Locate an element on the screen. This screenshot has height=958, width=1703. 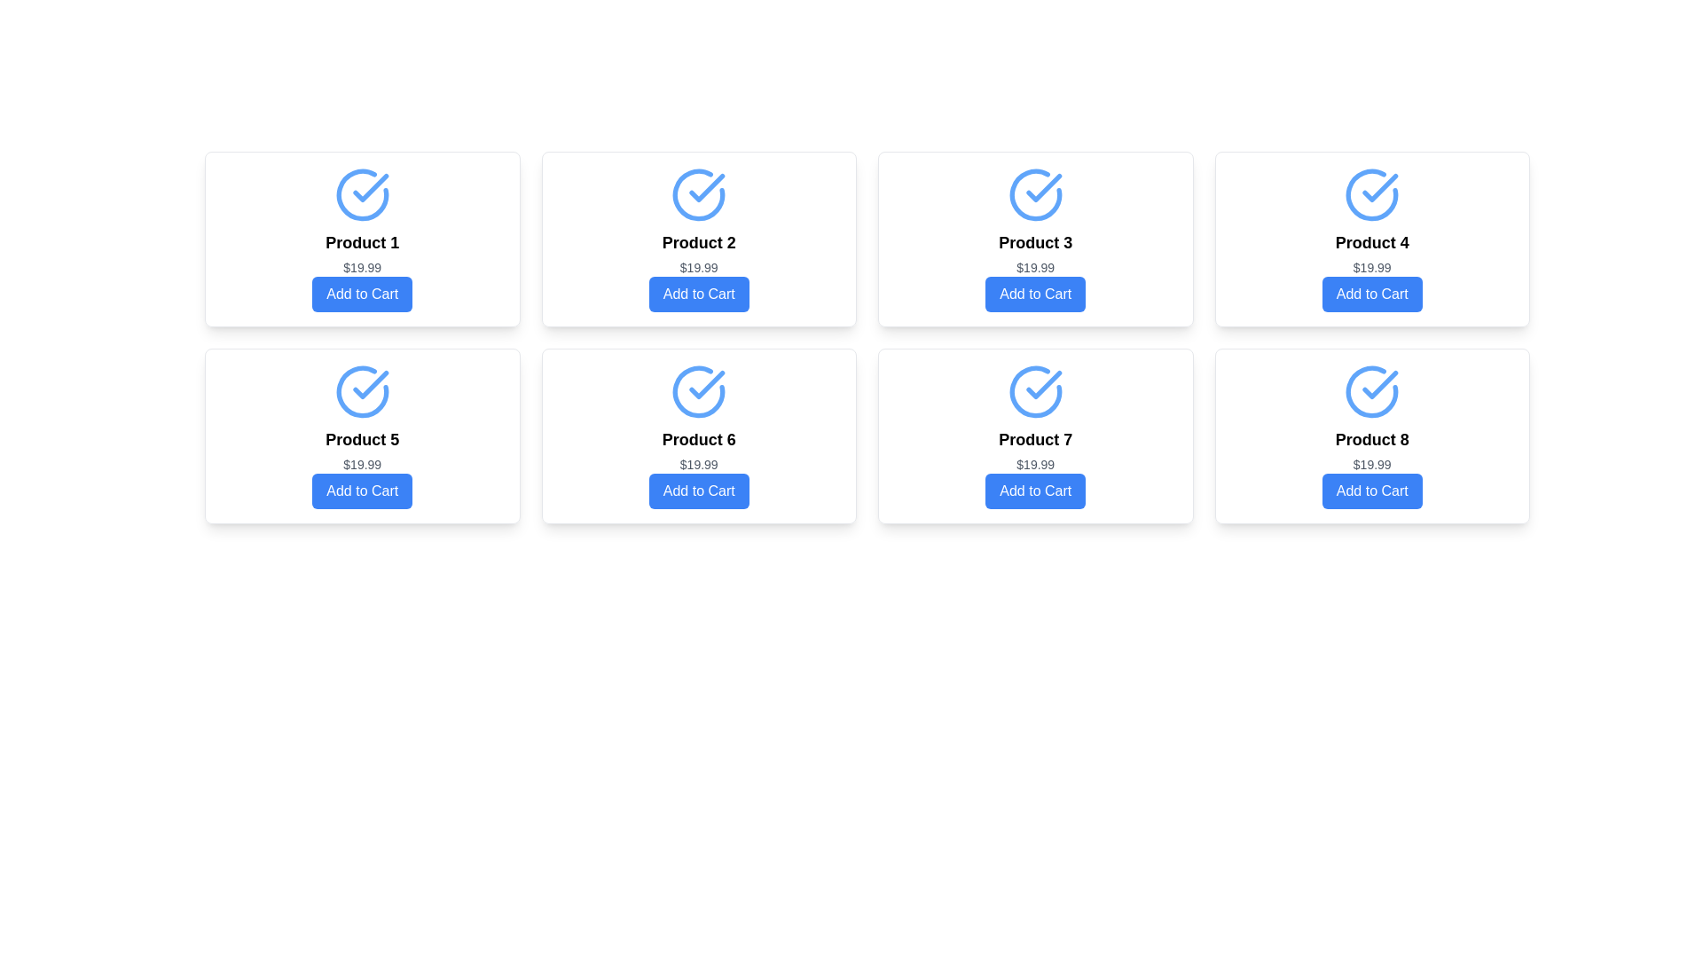
the 'Add to Cart' button with a blue background and white text located at the bottom-right of the 'Product 6' card is located at coordinates (698, 491).